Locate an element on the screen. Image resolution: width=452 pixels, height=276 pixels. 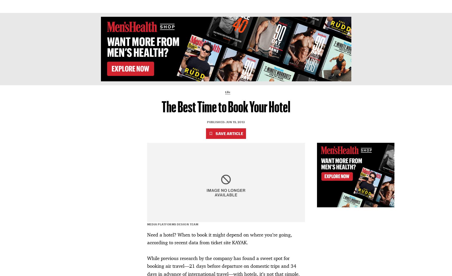
'A Career Hustle Offers What No Side Hustle Can' is located at coordinates (117, 128).